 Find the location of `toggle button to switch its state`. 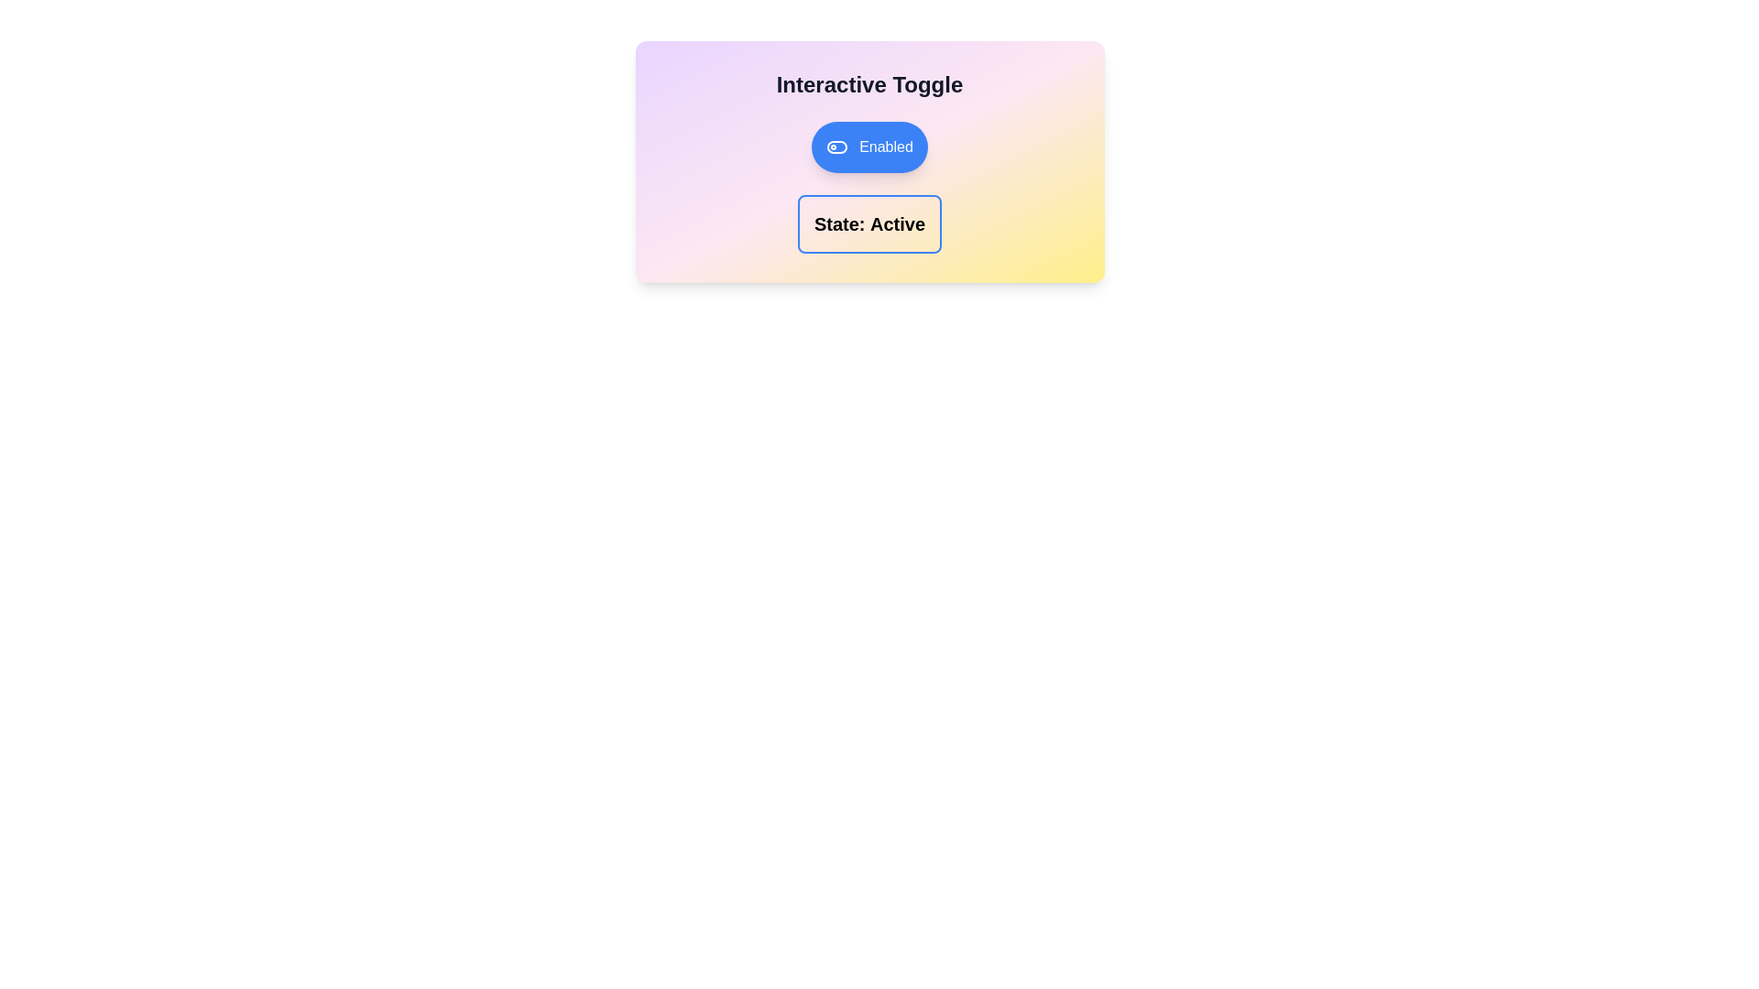

toggle button to switch its state is located at coordinates (869, 147).